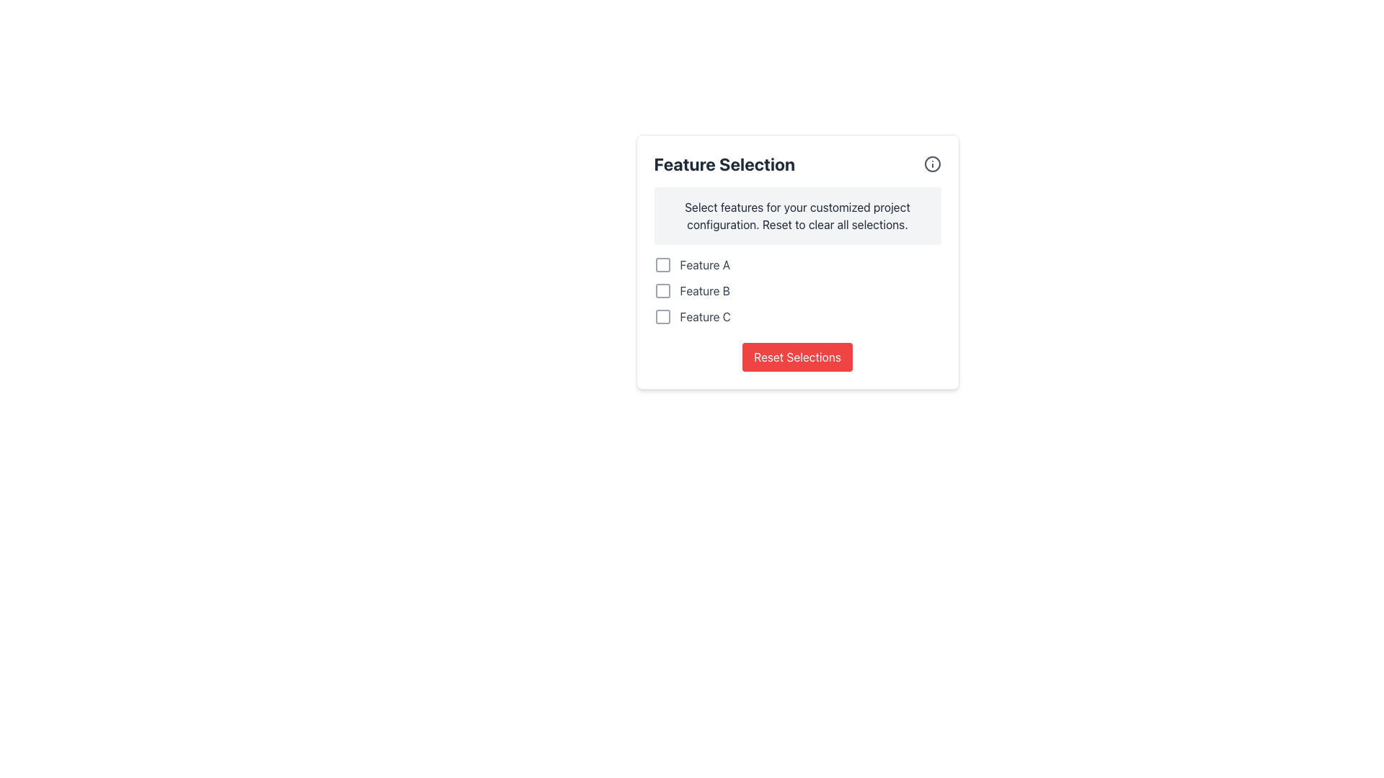 This screenshot has height=778, width=1384. Describe the element at coordinates (705, 316) in the screenshot. I see `the text label indicating 'Feature C', which is located in the third row of the feature options list, below 'Feature B'` at that location.